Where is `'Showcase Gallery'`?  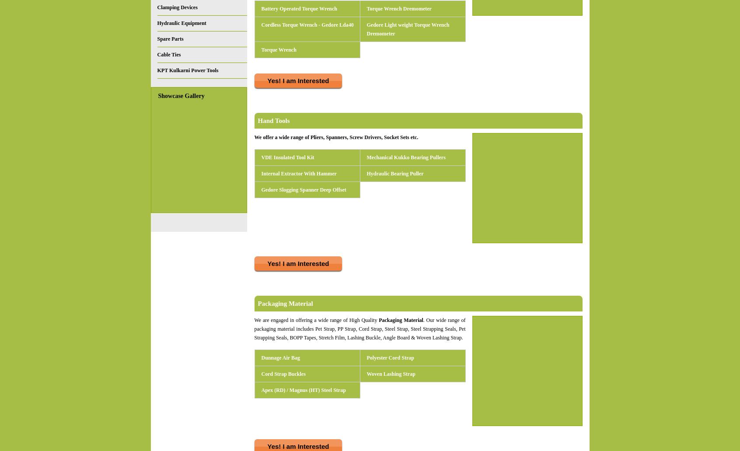
'Showcase Gallery' is located at coordinates (181, 96).